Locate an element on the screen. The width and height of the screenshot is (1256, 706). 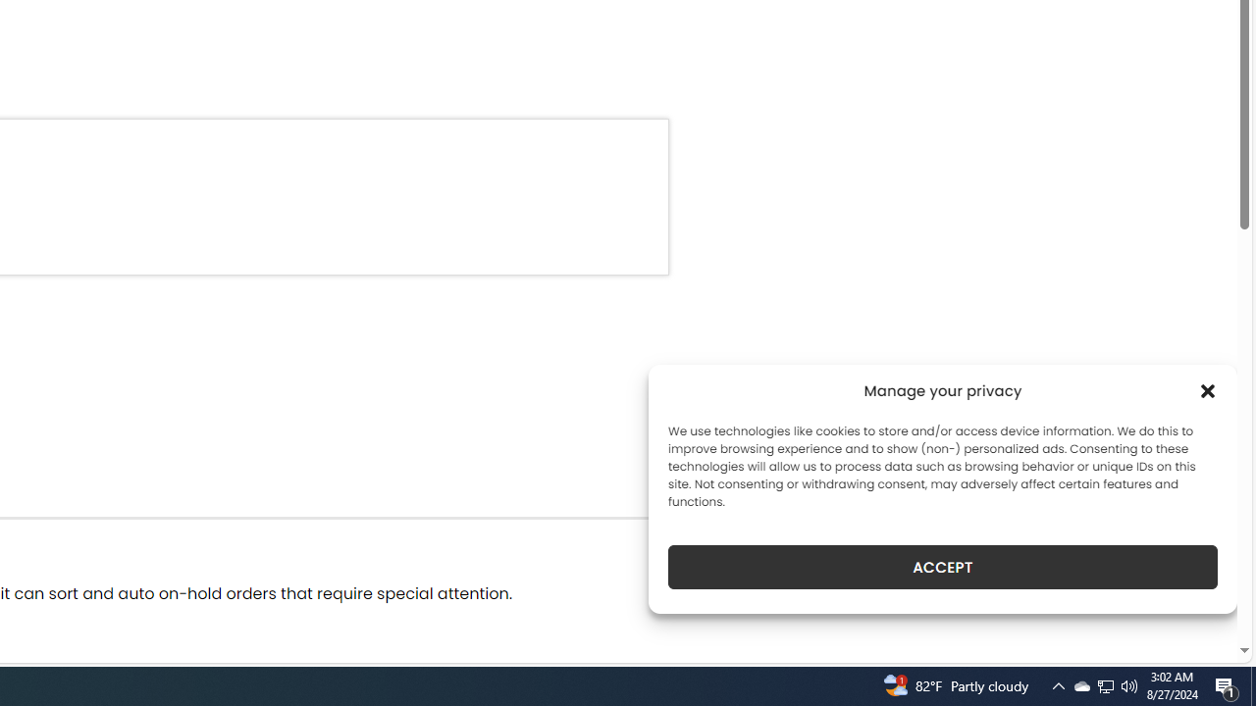
'ACCEPT' is located at coordinates (943, 567).